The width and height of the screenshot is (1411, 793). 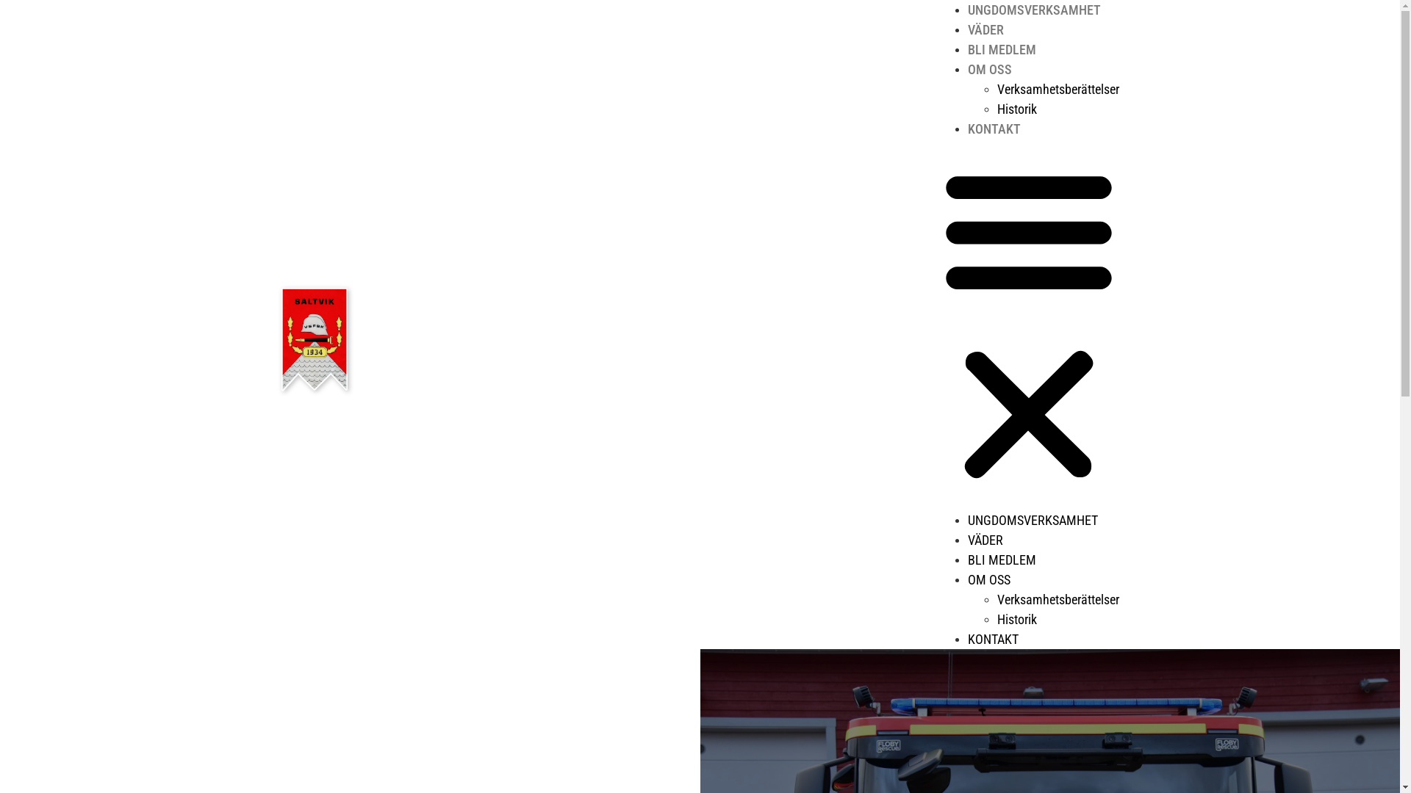 What do you see at coordinates (1015, 619) in the screenshot?
I see `'Historik'` at bounding box center [1015, 619].